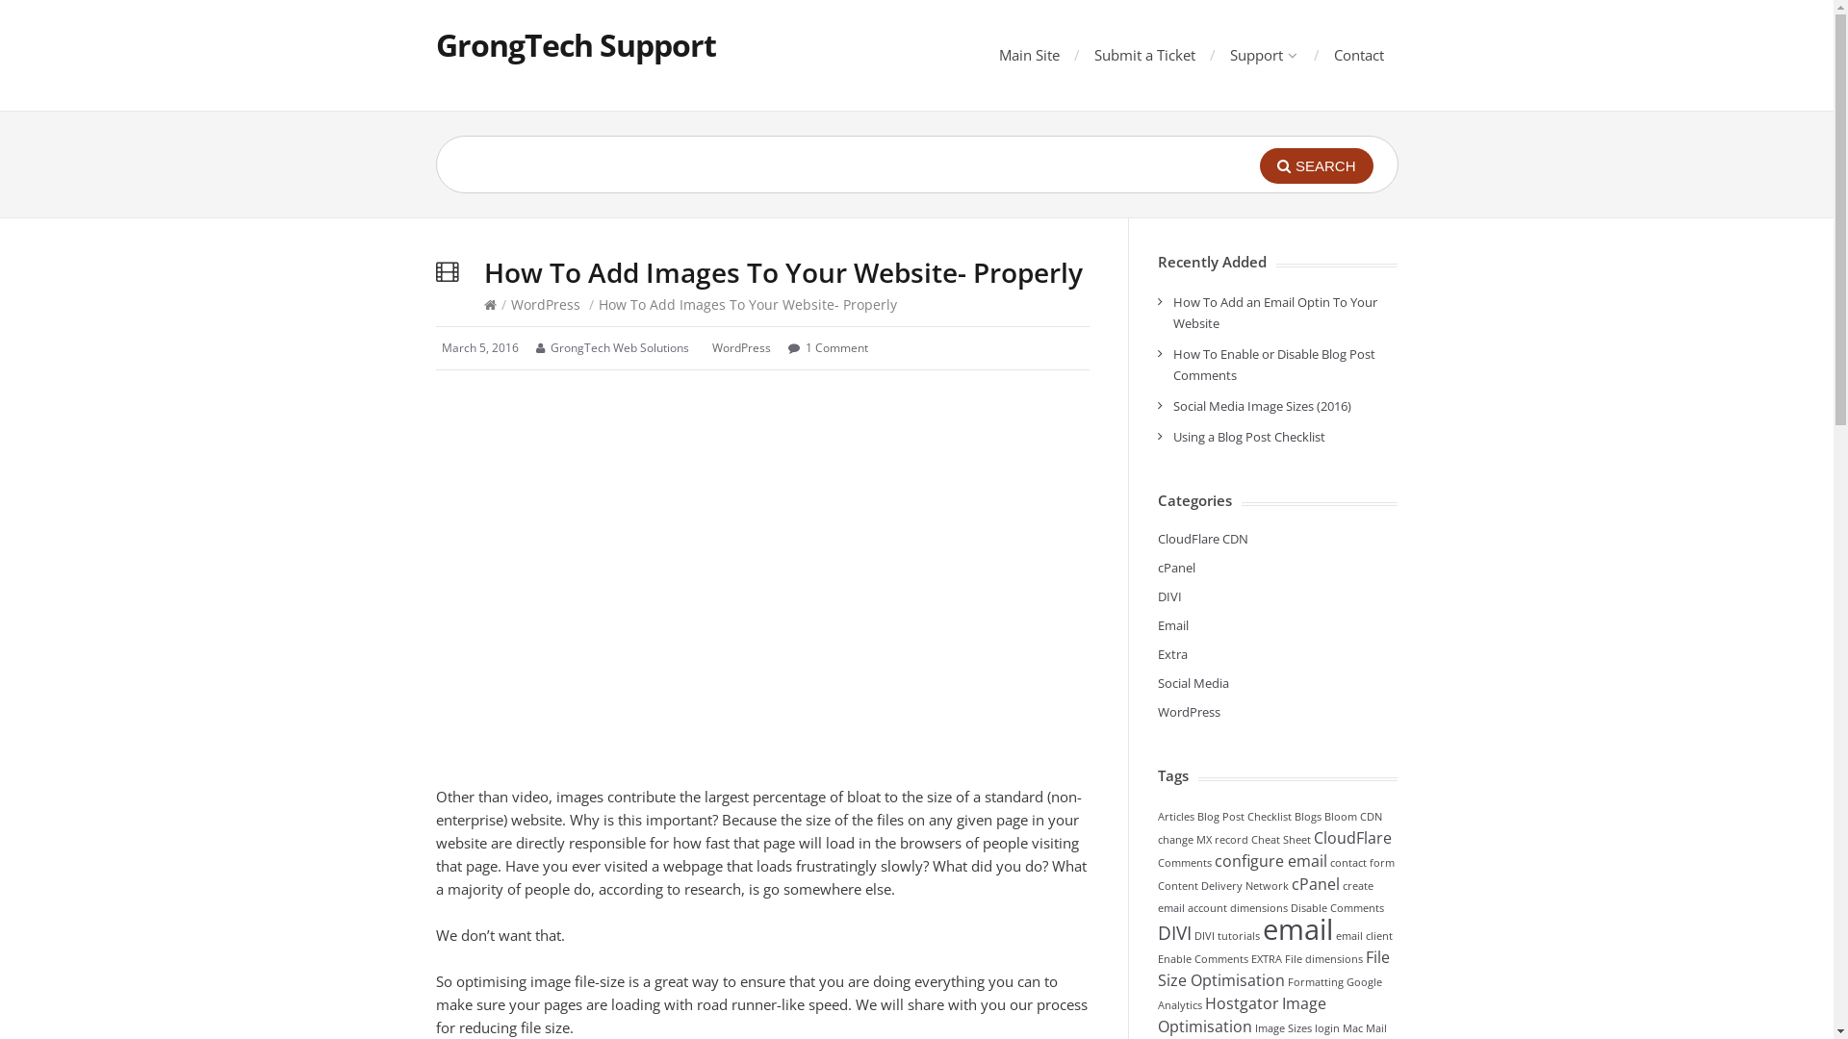  I want to click on 'login', so click(1325, 1026).